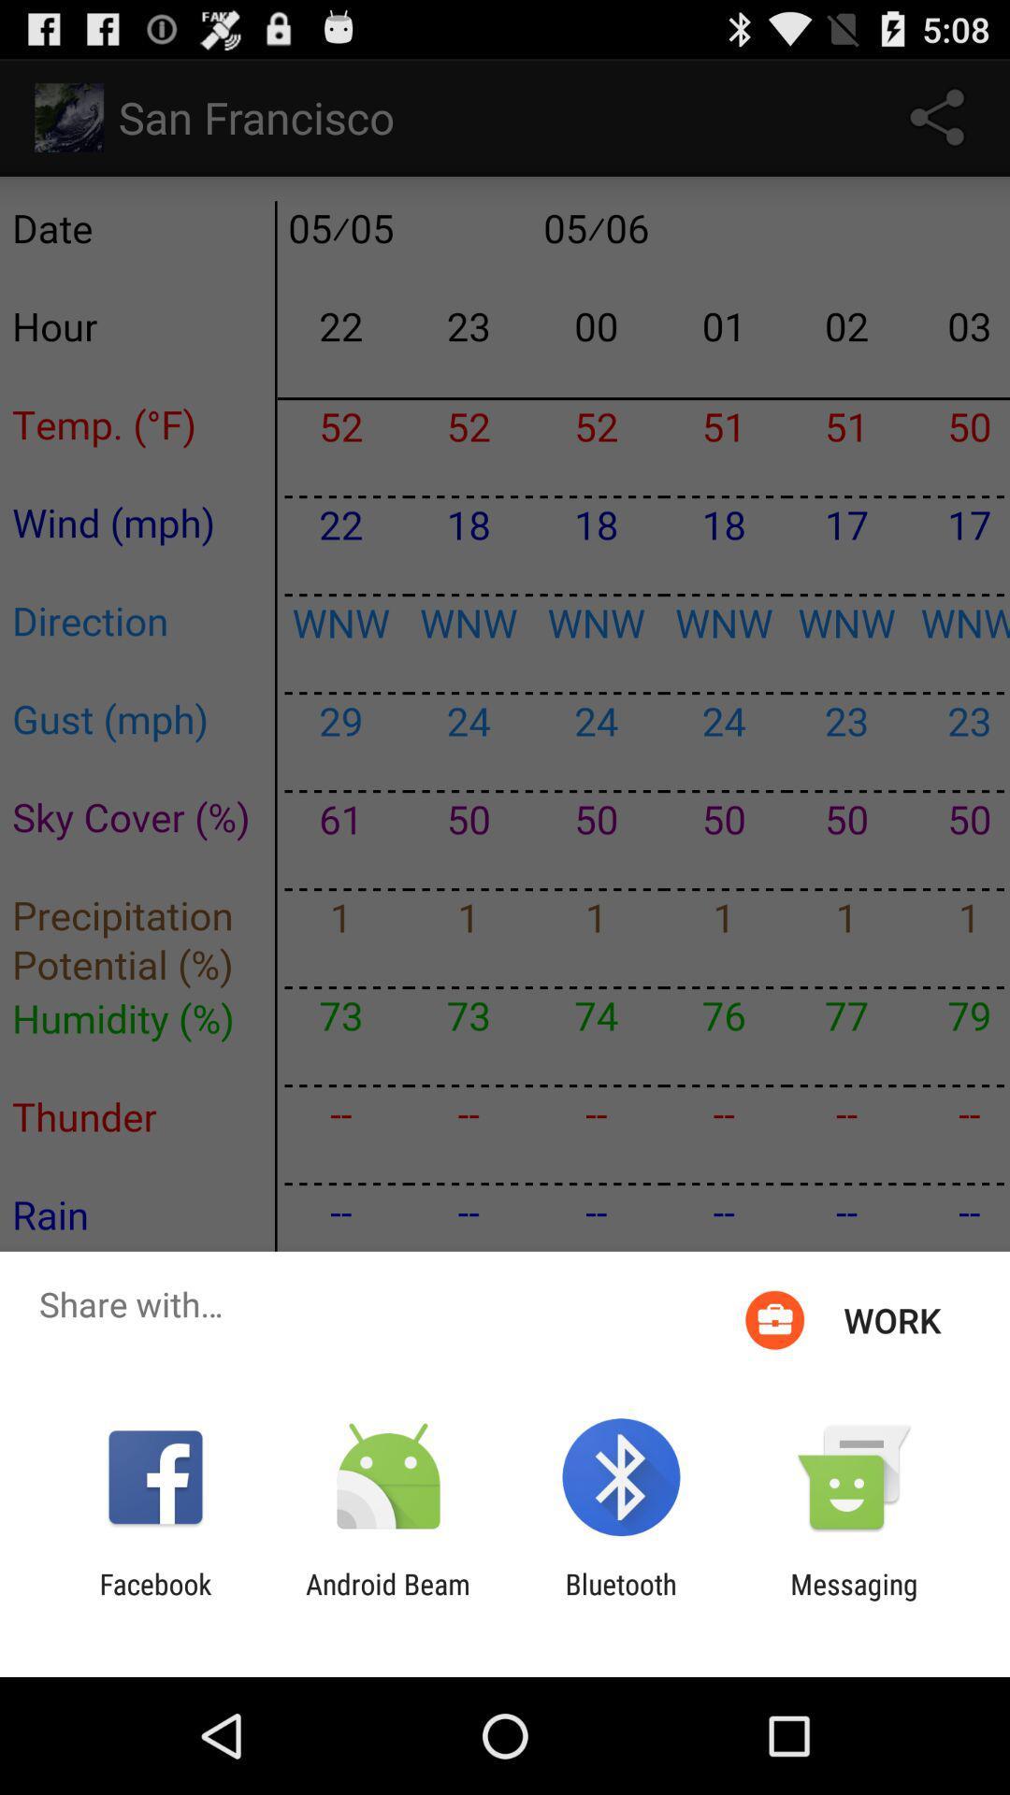 This screenshot has height=1795, width=1010. I want to click on the icon next to bluetooth app, so click(387, 1600).